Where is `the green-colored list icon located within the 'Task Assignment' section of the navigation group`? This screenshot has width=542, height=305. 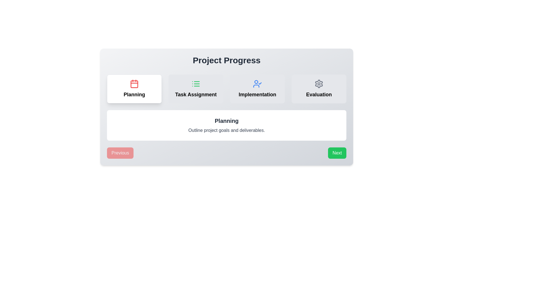
the green-colored list icon located within the 'Task Assignment' section of the navigation group is located at coordinates (196, 84).